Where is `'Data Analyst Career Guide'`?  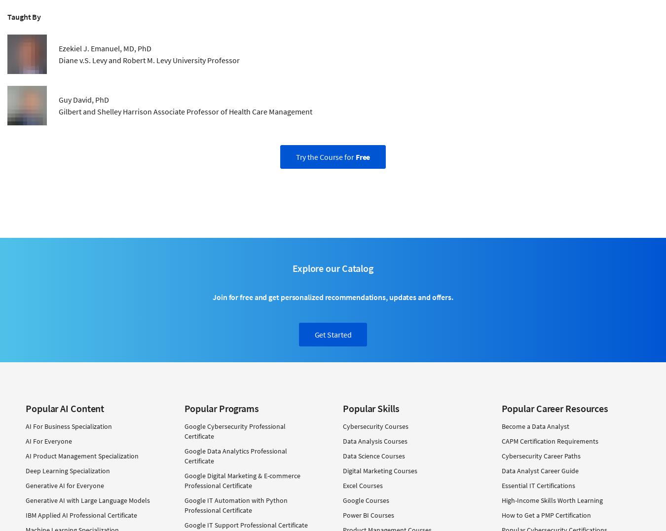
'Data Analyst Career Guide' is located at coordinates (540, 470).